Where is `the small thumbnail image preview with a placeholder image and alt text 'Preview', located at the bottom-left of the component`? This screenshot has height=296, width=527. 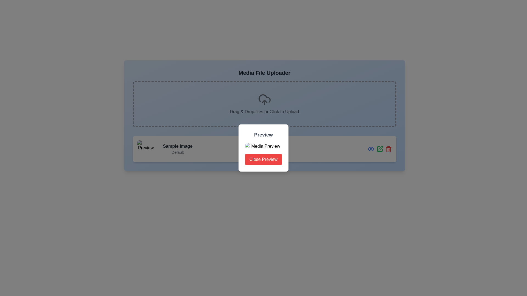
the small thumbnail image preview with a placeholder image and alt text 'Preview', located at the bottom-left of the component is located at coordinates (146, 149).